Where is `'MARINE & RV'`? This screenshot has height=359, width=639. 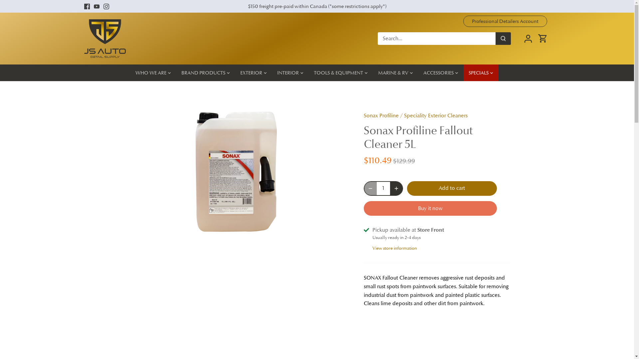
'MARINE & RV' is located at coordinates (373, 73).